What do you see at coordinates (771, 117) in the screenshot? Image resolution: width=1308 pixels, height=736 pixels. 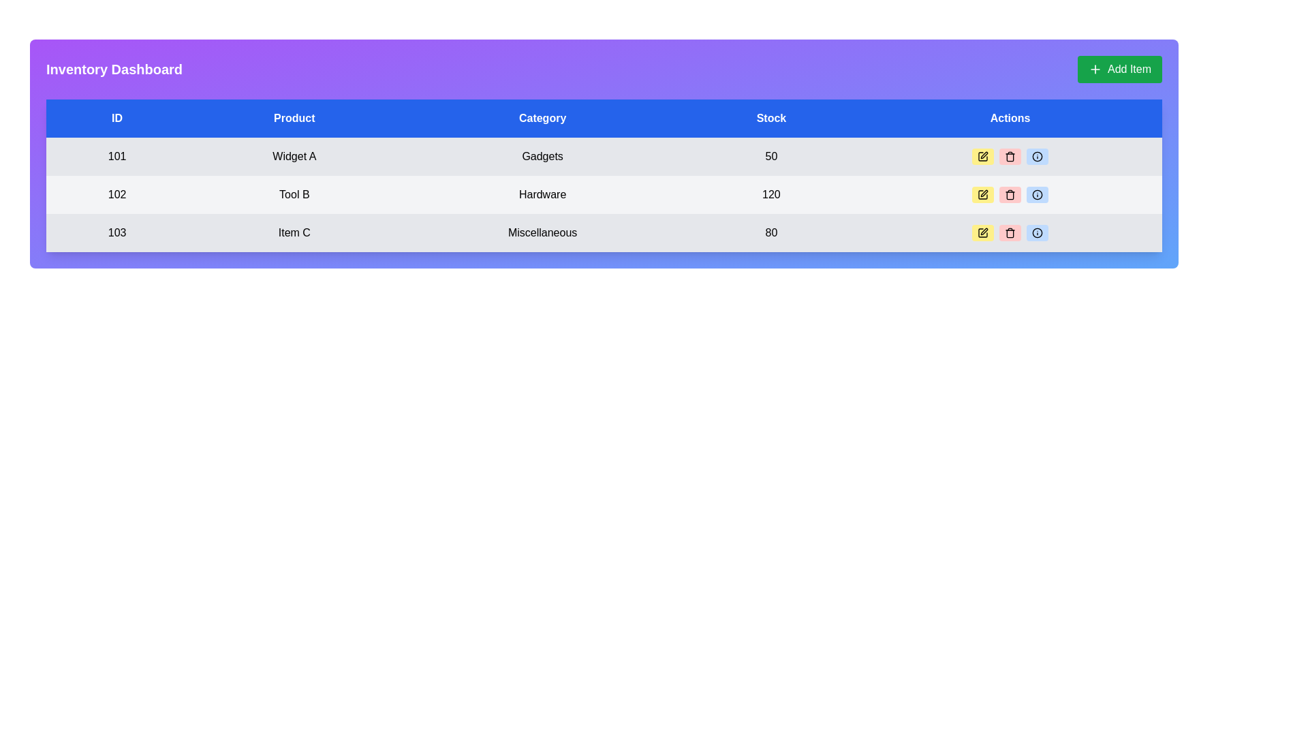 I see `the text label element displaying 'Stock', which is centered in a blue rectangular background and positioned between the 'Category' and 'Actions' elements in the table header` at bounding box center [771, 117].